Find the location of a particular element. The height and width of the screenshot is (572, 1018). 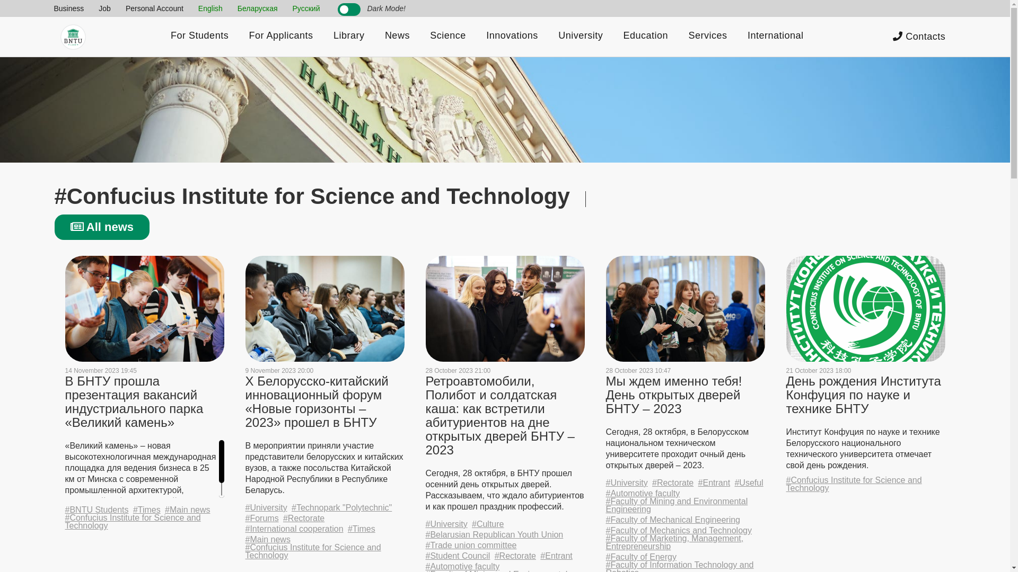

'For Applicants' is located at coordinates (280, 36).